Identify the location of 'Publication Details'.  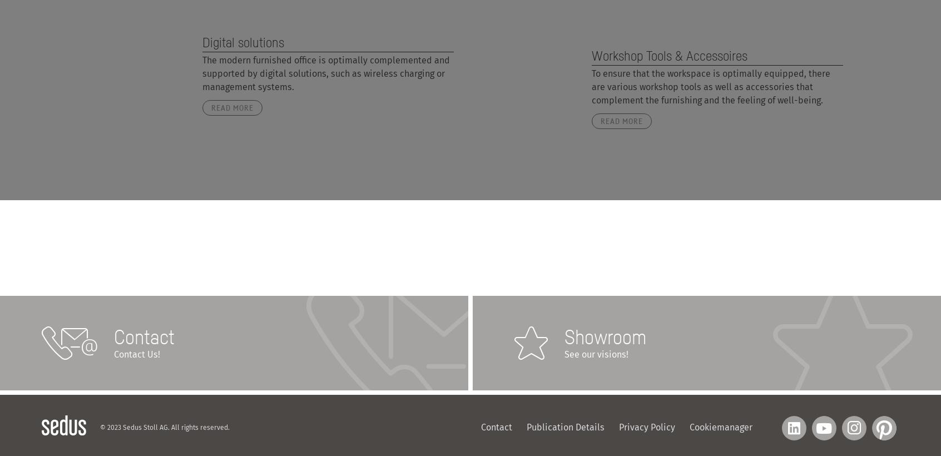
(565, 427).